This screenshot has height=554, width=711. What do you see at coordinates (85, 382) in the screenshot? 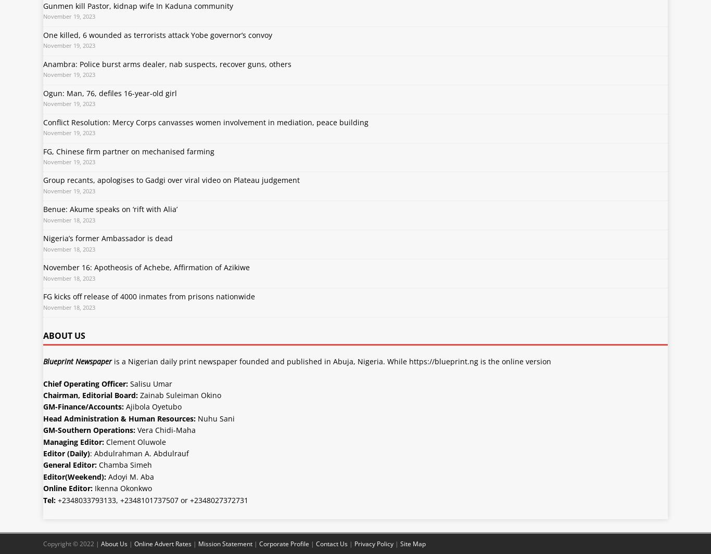
I see `'Chief Operating Officer:'` at bounding box center [85, 382].